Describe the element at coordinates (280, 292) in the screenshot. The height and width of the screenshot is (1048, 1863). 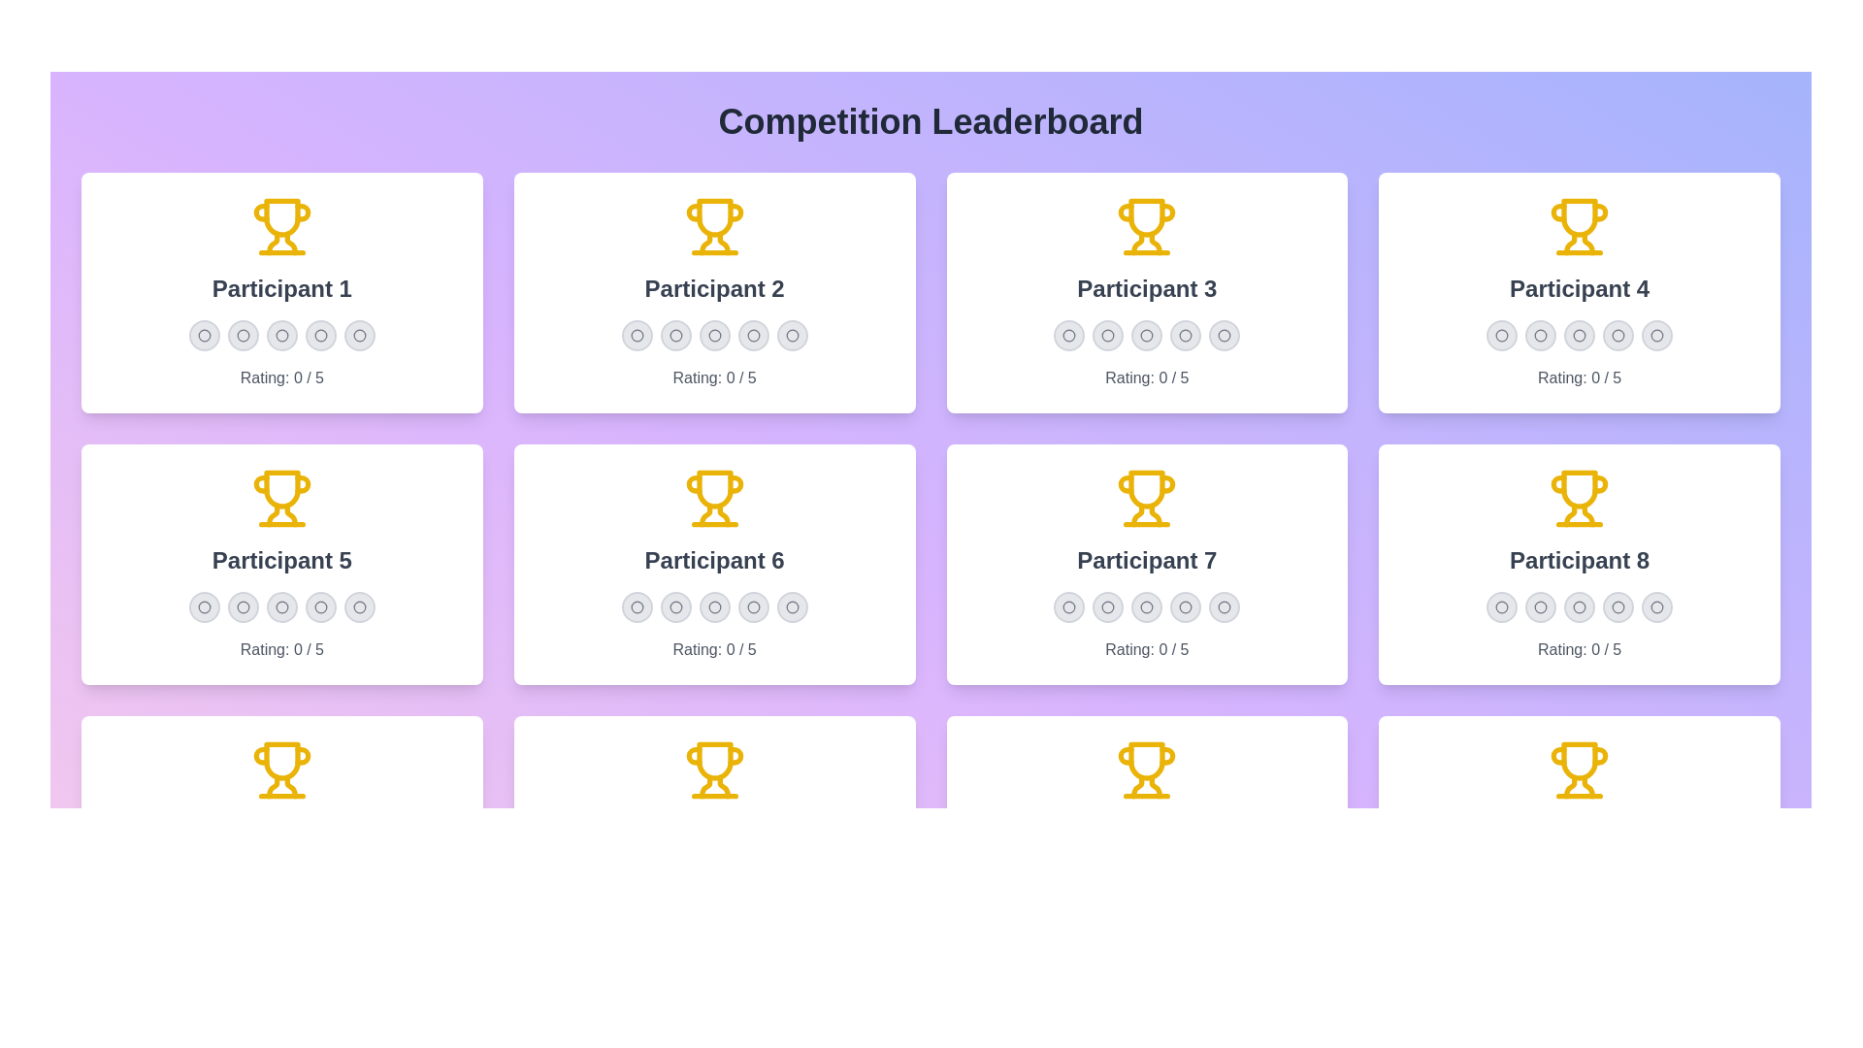
I see `the card of Participant 1 to observe the visual scale effect` at that location.